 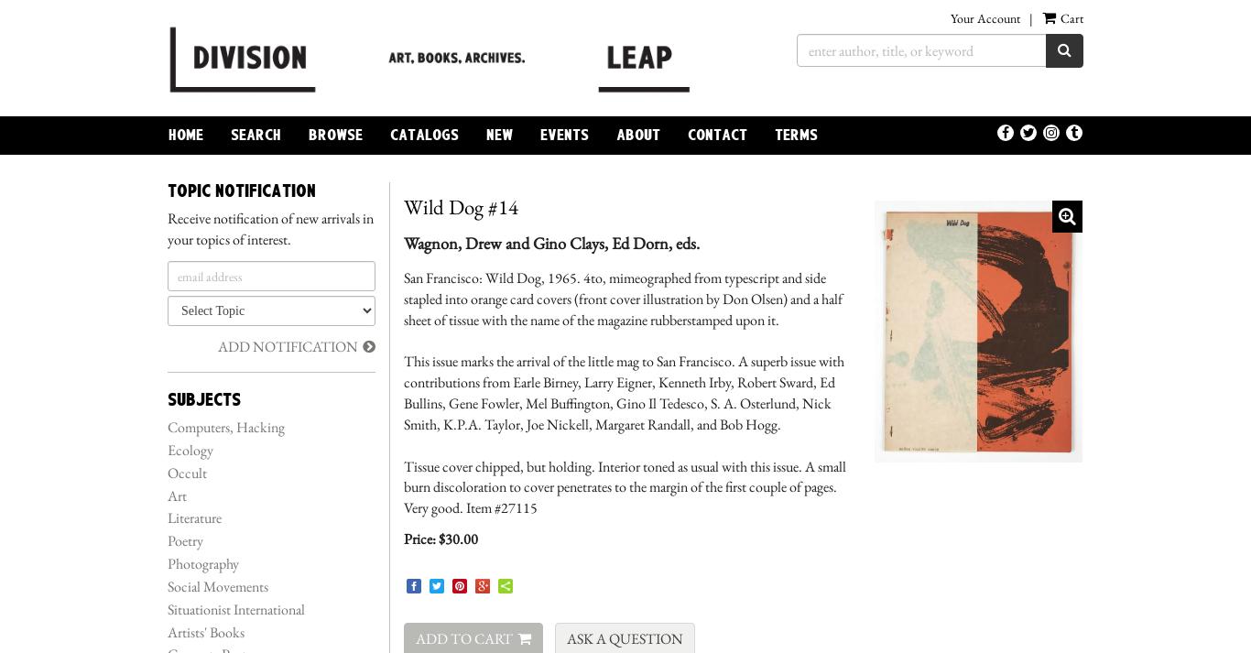 What do you see at coordinates (308, 135) in the screenshot?
I see `'Browse'` at bounding box center [308, 135].